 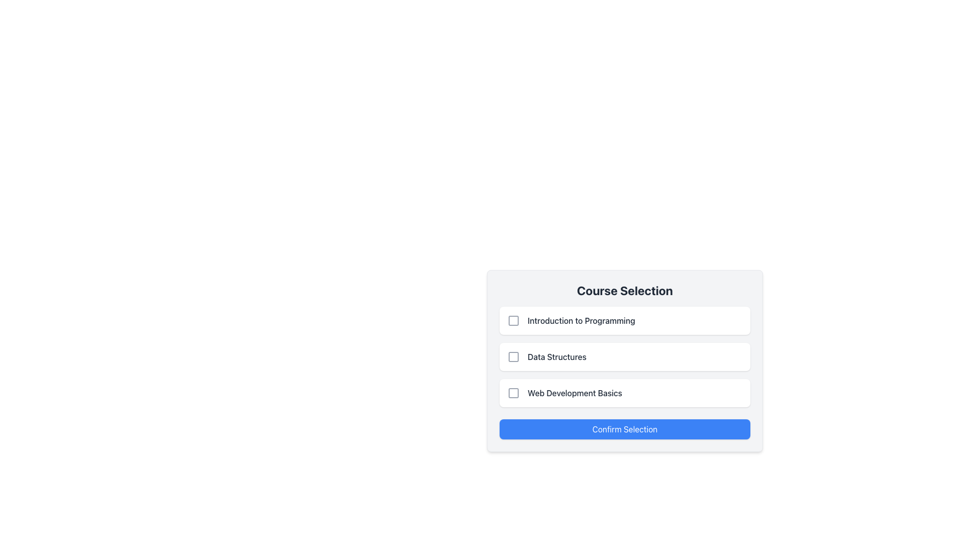 I want to click on the 'Data Structures' button with integrated checkbox, which is the second option in a vertical list, so click(x=624, y=356).